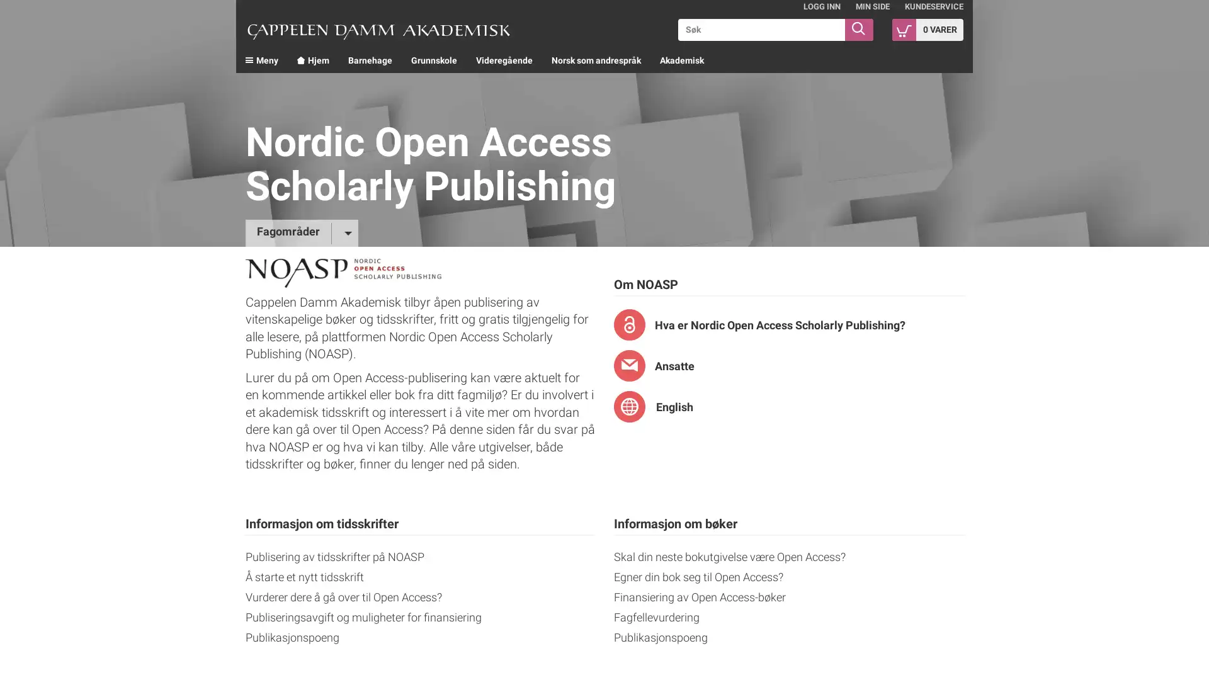 The height and width of the screenshot is (680, 1209). What do you see at coordinates (301, 233) in the screenshot?
I see `Fagomrader` at bounding box center [301, 233].